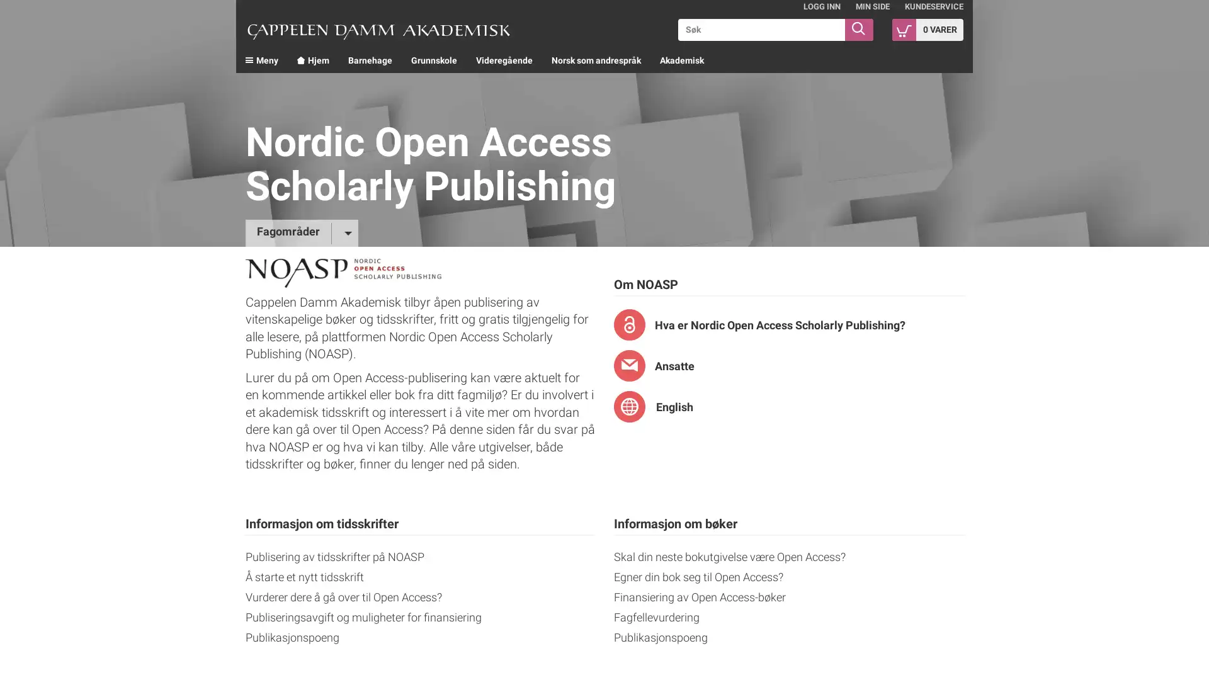 The height and width of the screenshot is (680, 1209). What do you see at coordinates (301, 233) in the screenshot?
I see `Fagomrader` at bounding box center [301, 233].